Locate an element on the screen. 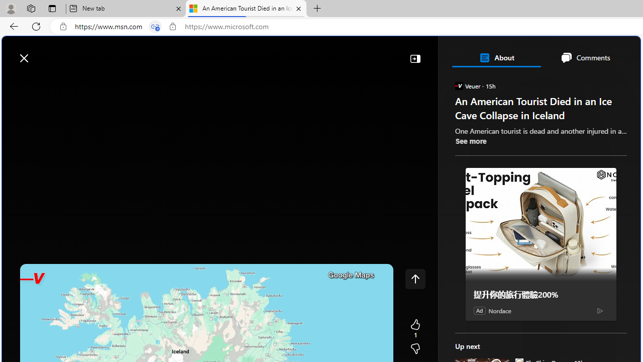  'Comments' is located at coordinates (585, 57).